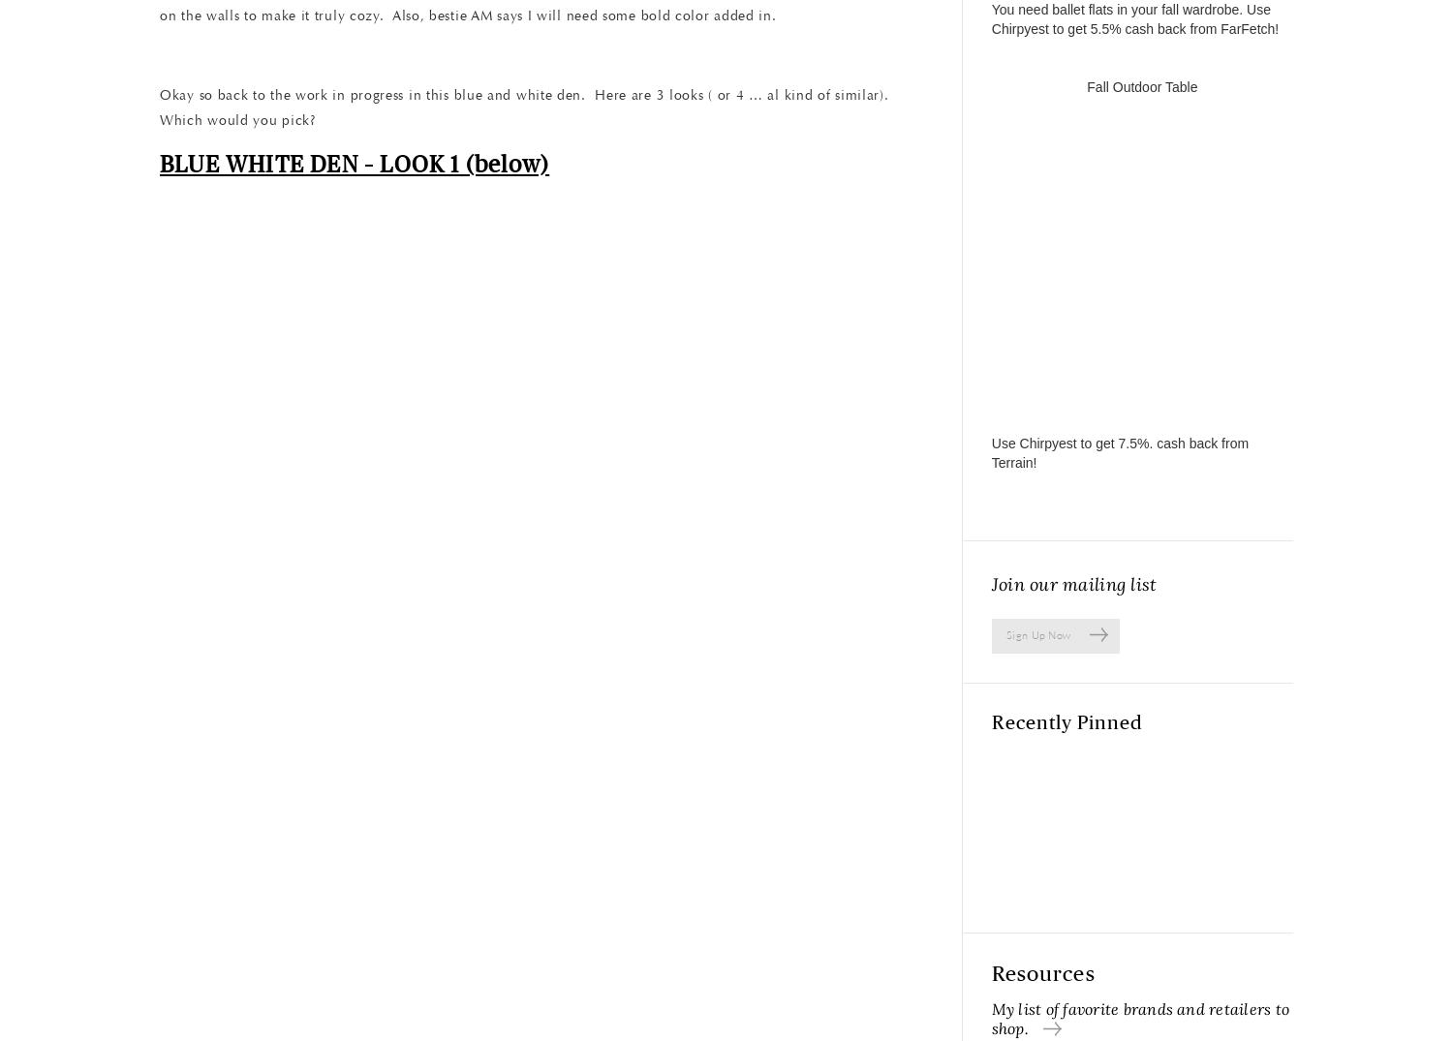 The height and width of the screenshot is (1041, 1453). Describe the element at coordinates (526, 733) in the screenshot. I see `'share'` at that location.